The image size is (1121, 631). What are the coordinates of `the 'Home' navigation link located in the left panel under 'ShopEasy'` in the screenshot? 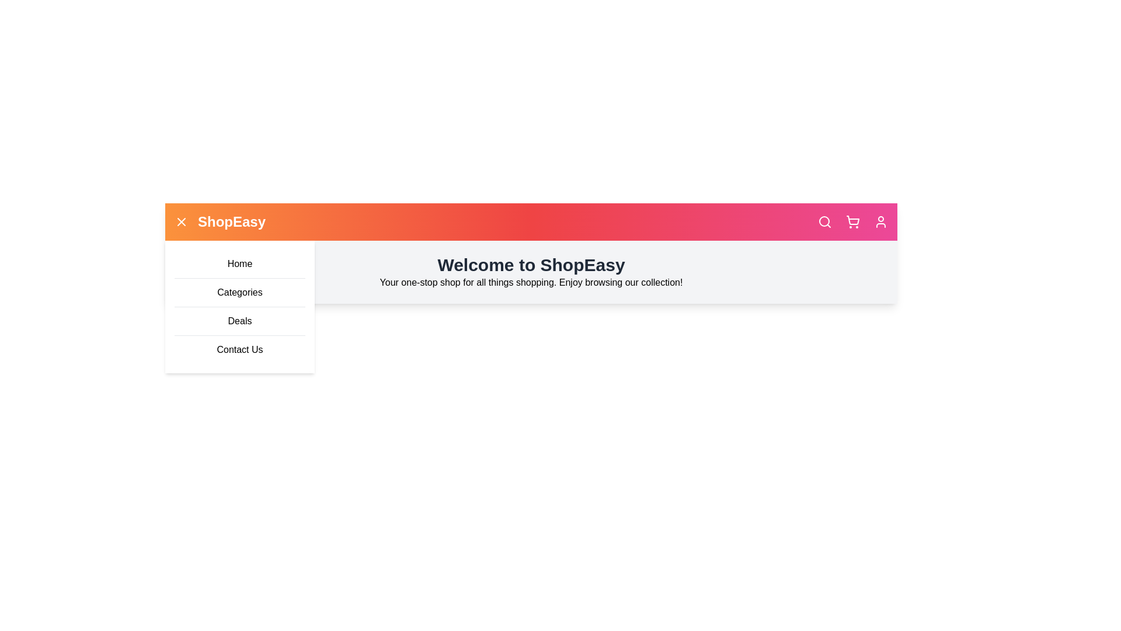 It's located at (239, 264).